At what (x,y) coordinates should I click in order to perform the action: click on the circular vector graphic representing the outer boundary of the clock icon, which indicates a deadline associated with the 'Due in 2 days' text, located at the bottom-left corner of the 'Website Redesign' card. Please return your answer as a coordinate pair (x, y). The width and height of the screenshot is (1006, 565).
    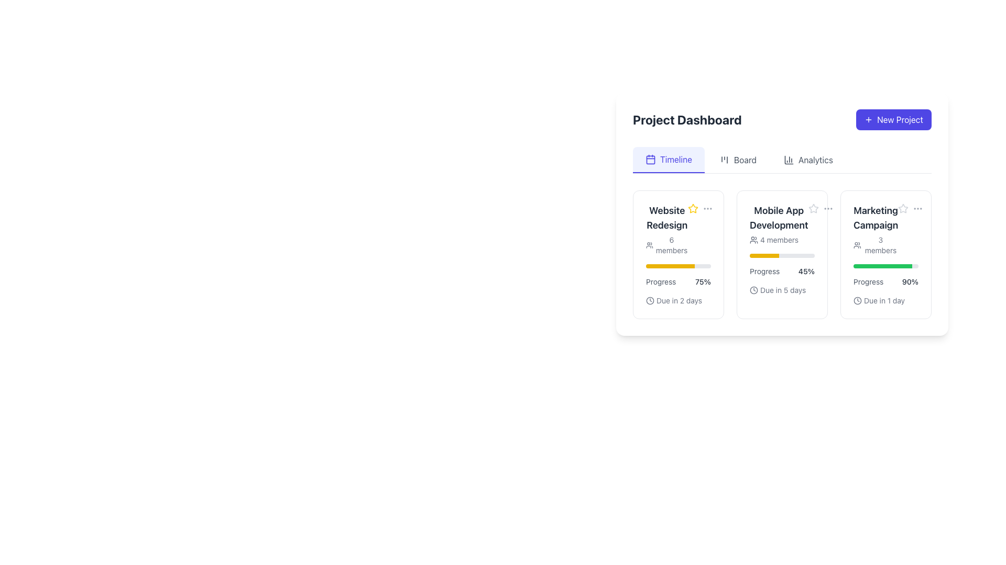
    Looking at the image, I should click on (753, 290).